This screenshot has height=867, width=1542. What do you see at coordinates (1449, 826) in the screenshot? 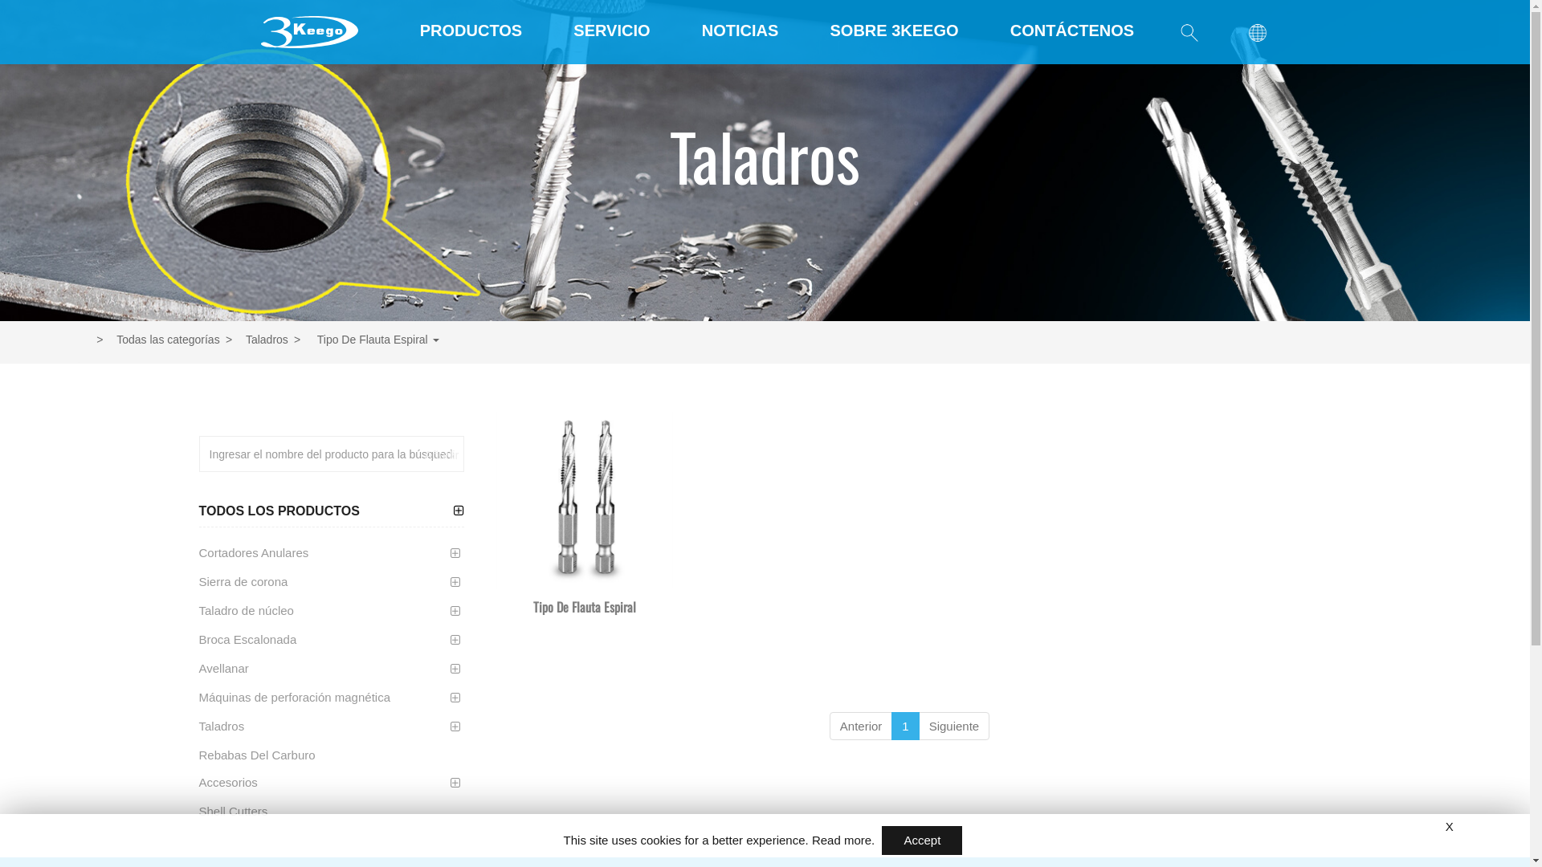
I see `'X'` at bounding box center [1449, 826].